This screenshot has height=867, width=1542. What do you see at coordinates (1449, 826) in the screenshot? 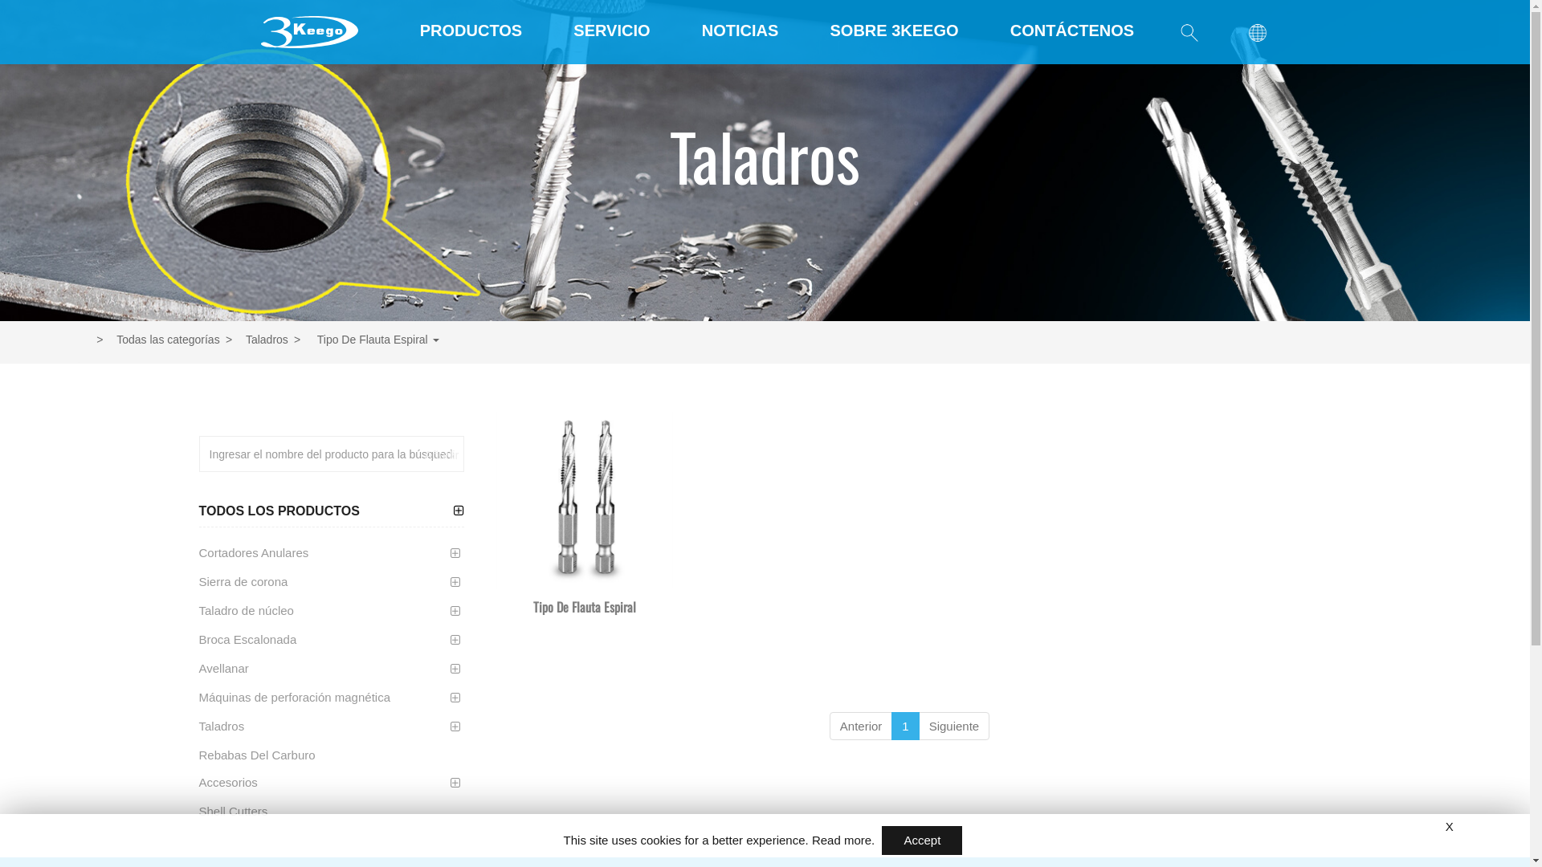
I see `'X'` at bounding box center [1449, 826].